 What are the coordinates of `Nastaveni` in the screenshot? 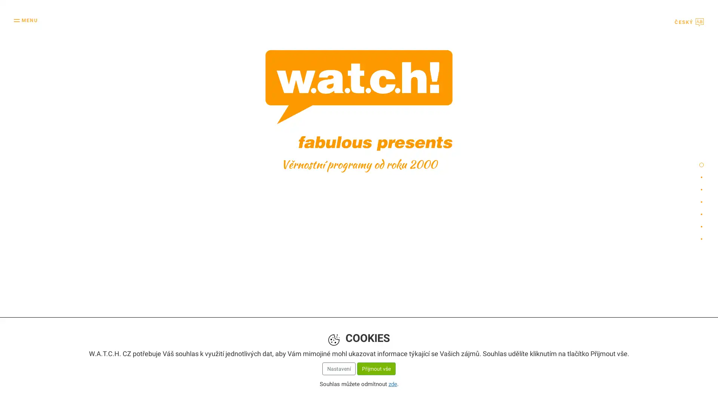 It's located at (338, 368).